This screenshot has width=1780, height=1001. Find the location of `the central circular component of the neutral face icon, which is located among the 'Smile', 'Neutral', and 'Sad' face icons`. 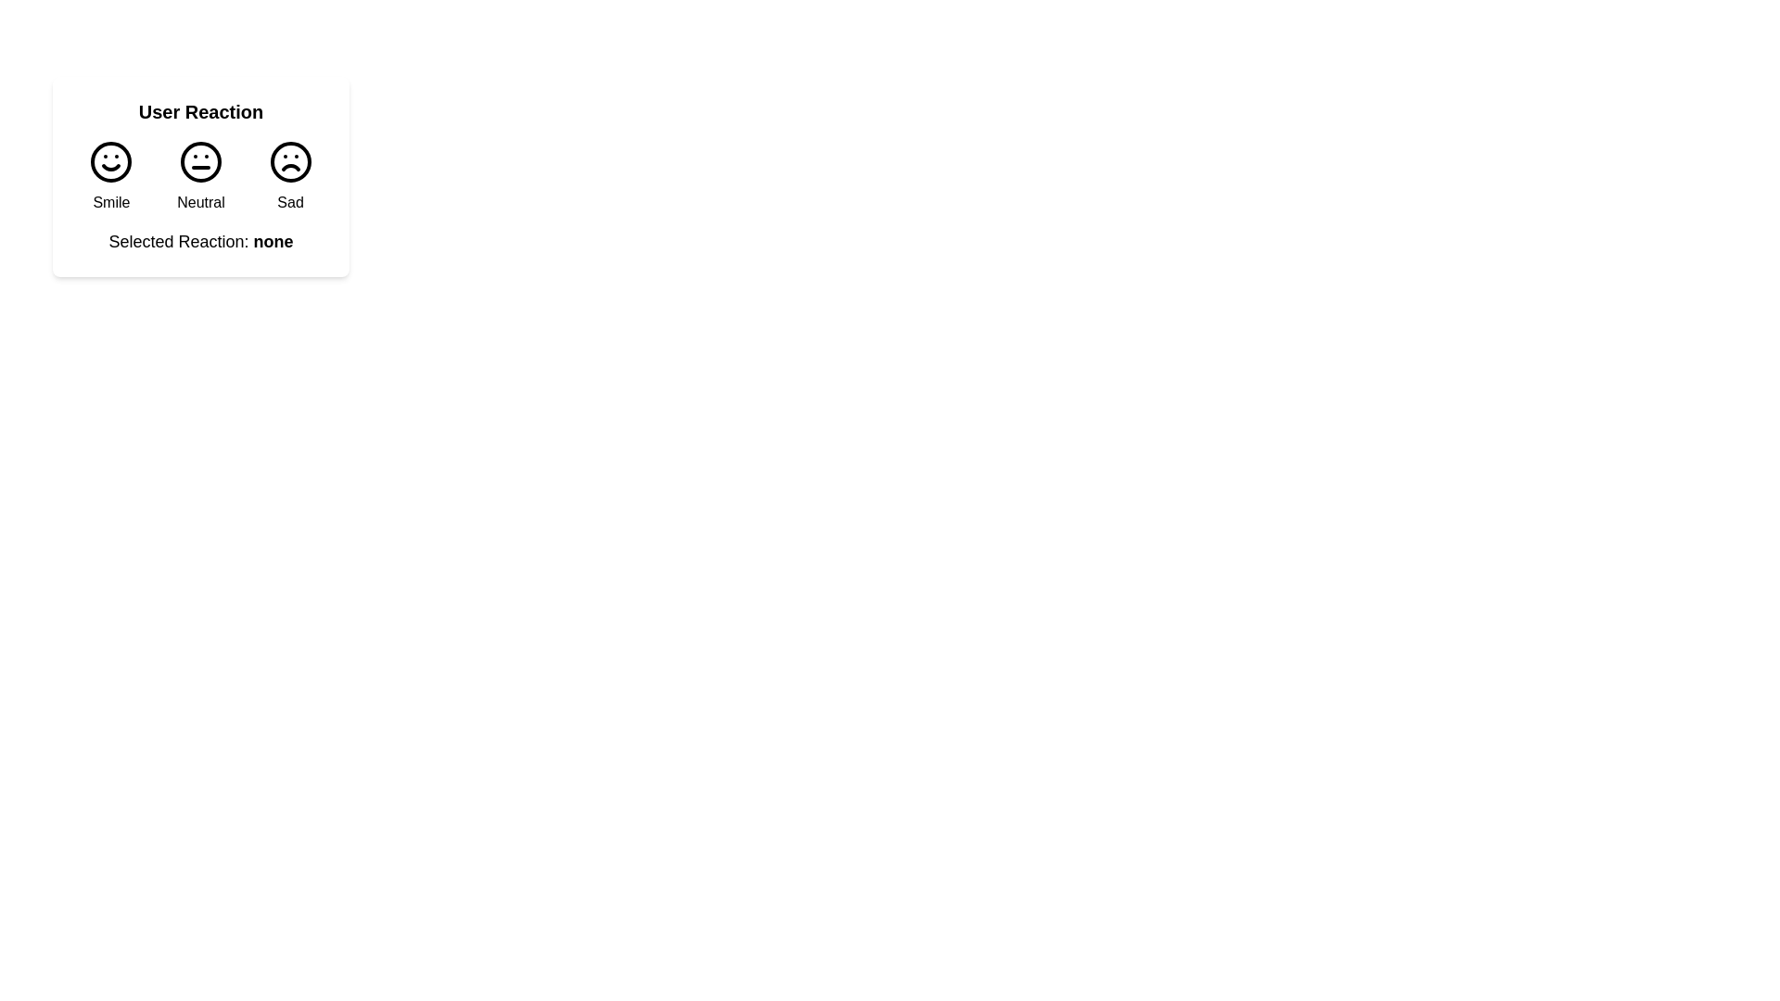

the central circular component of the neutral face icon, which is located among the 'Smile', 'Neutral', and 'Sad' face icons is located at coordinates (200, 160).